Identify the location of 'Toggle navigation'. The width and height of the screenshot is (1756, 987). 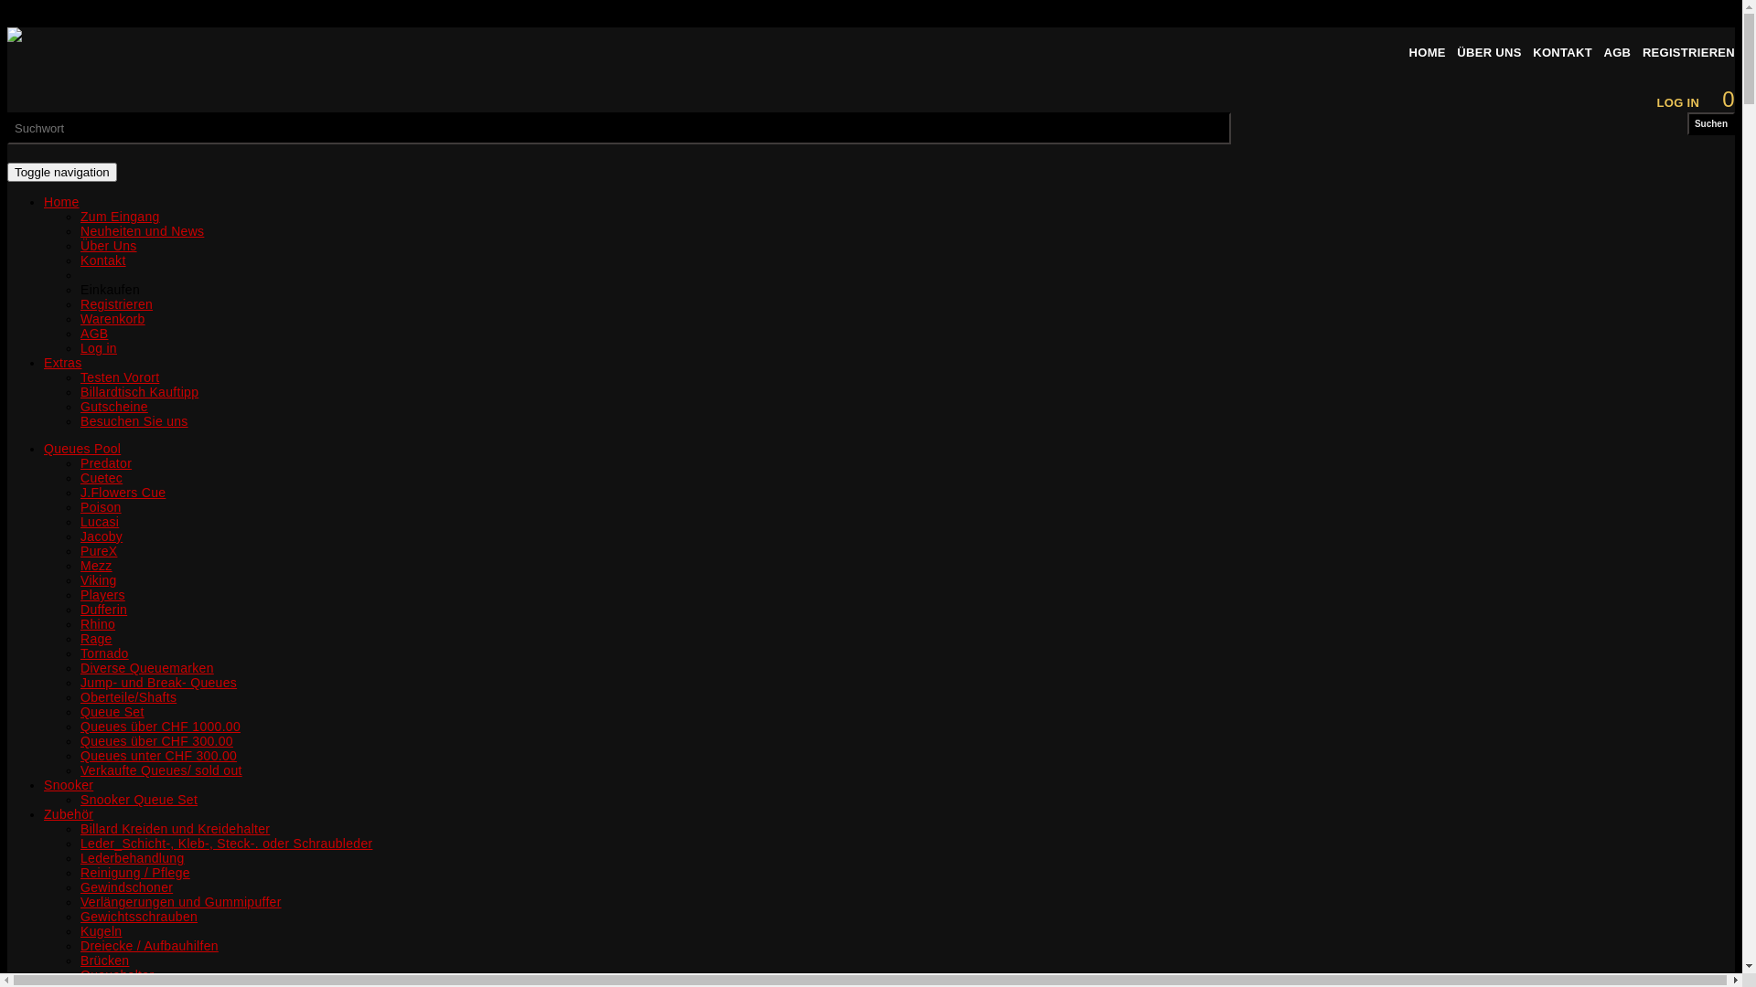
(61, 172).